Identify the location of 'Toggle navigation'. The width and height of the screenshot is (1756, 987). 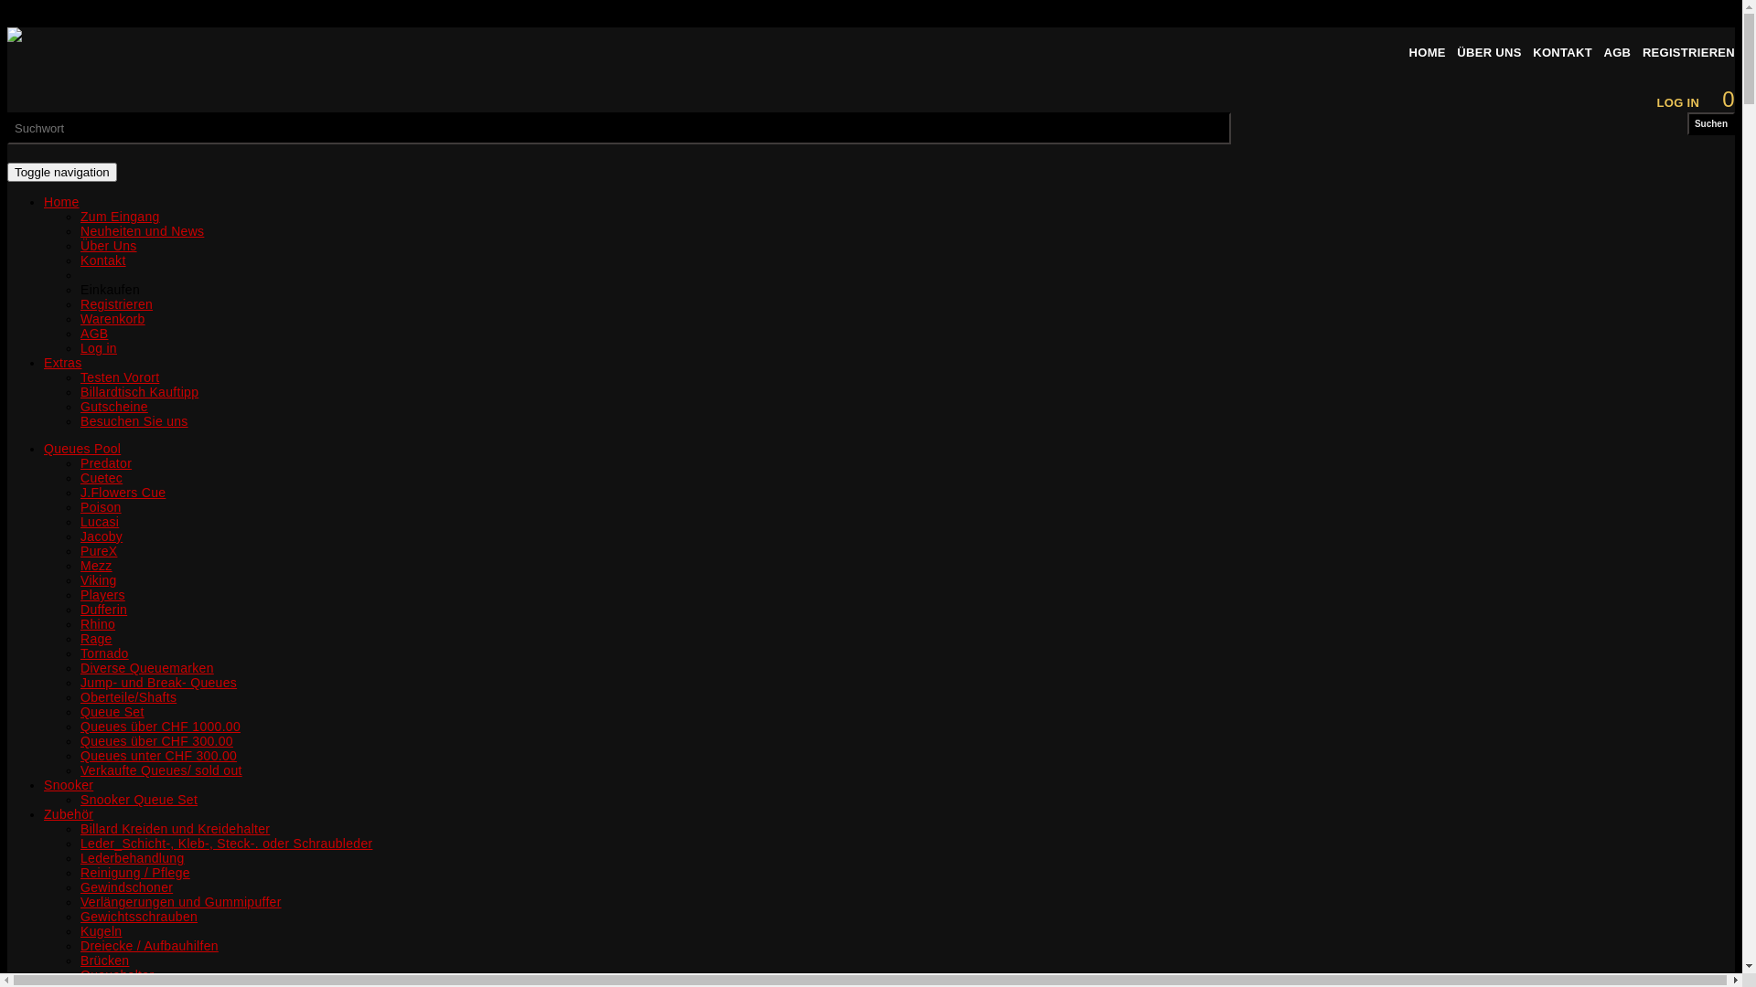
(61, 172).